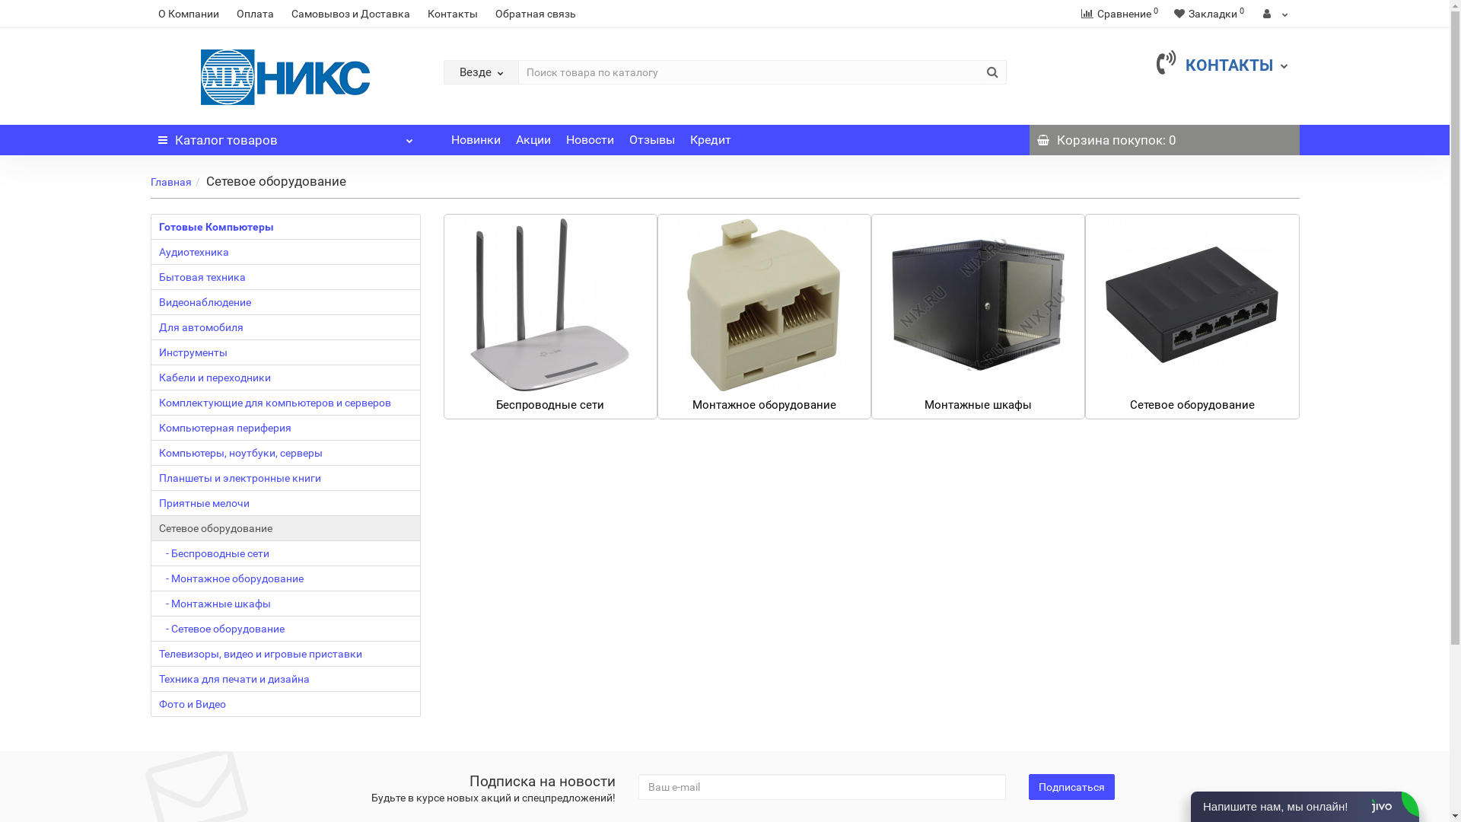 The height and width of the screenshot is (822, 1461). Describe the element at coordinates (285, 77) in the screenshot. I see `'nixpro.by'` at that location.